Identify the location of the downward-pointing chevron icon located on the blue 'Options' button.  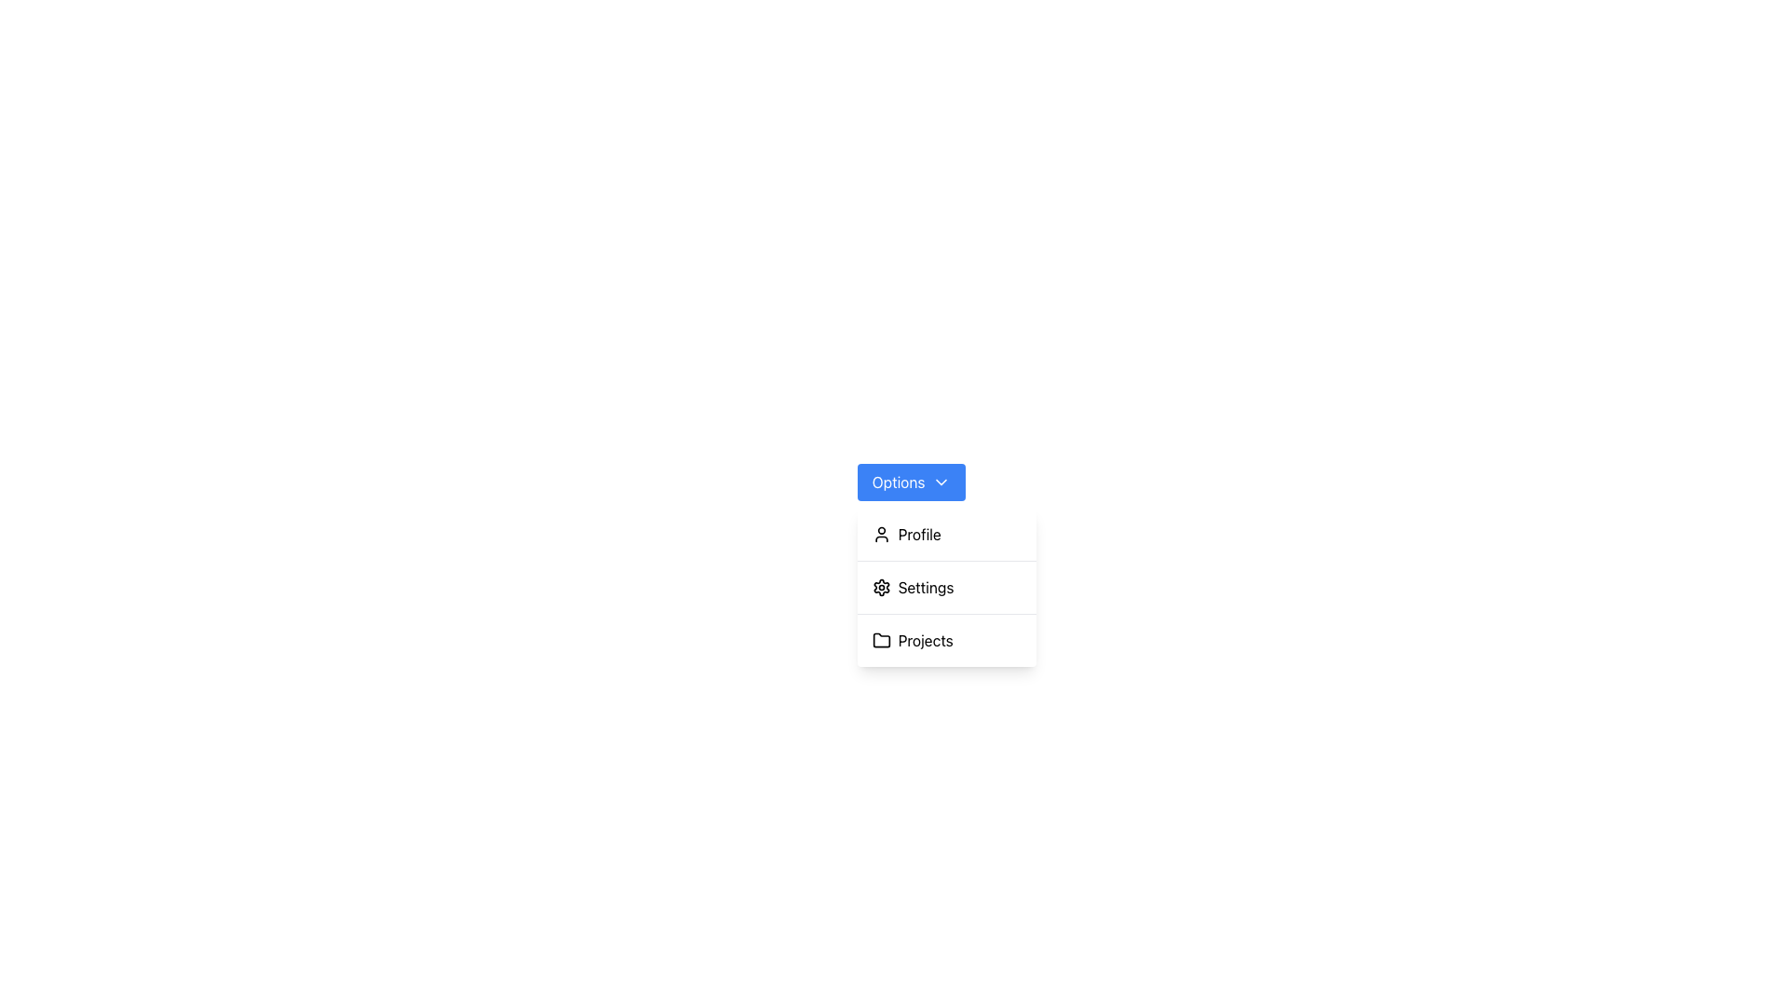
(941, 481).